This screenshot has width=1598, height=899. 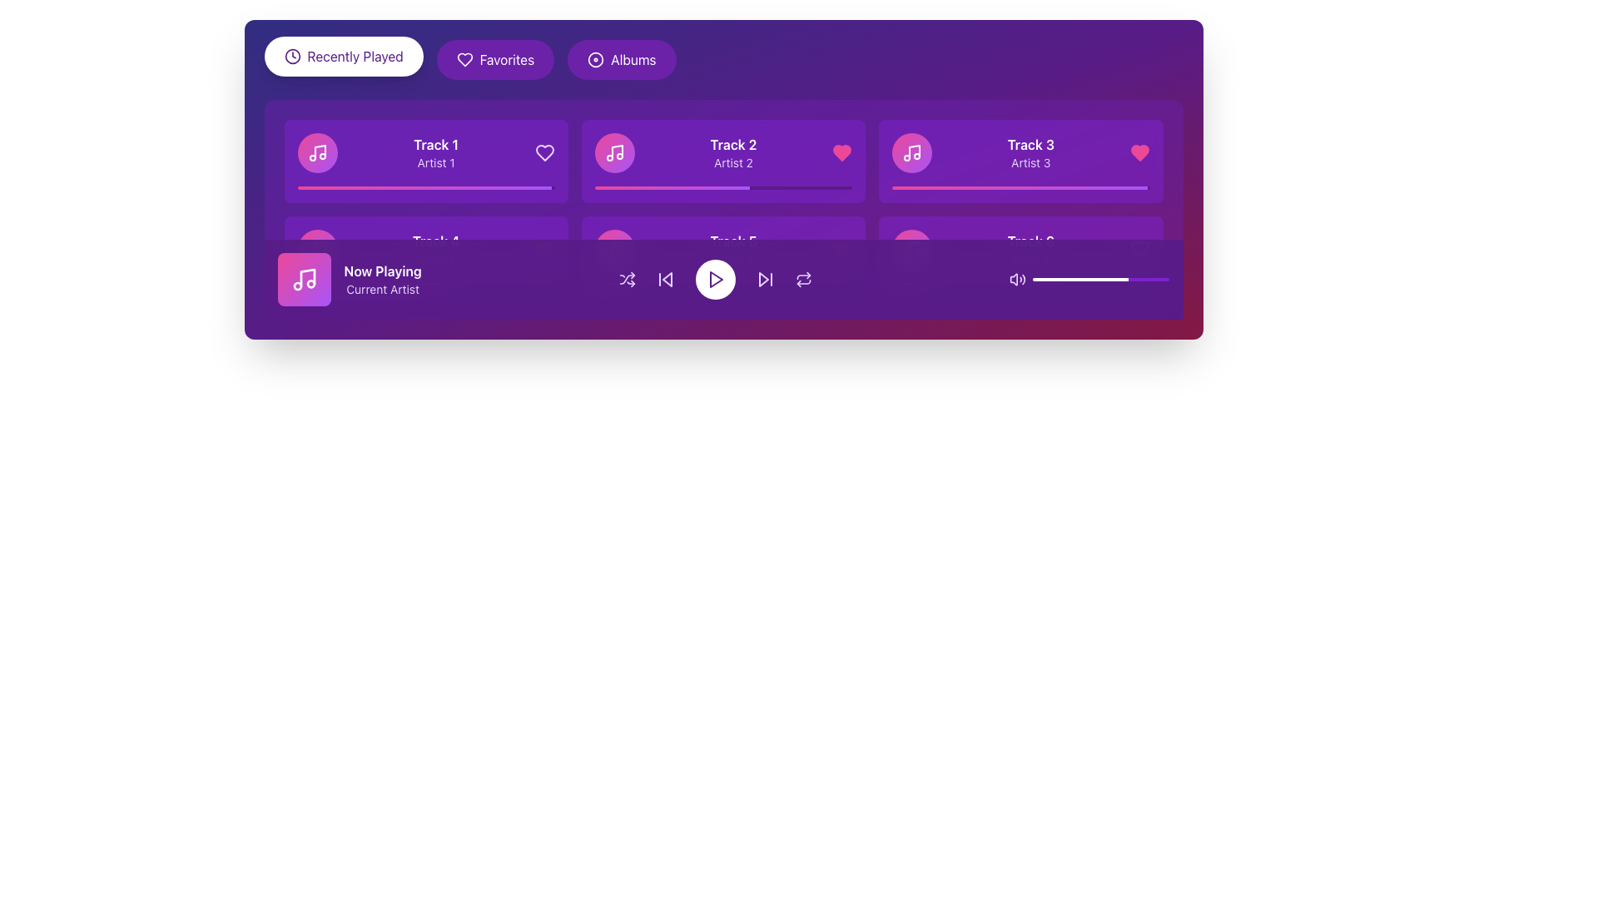 I want to click on the fourth song item, so click(x=426, y=250).